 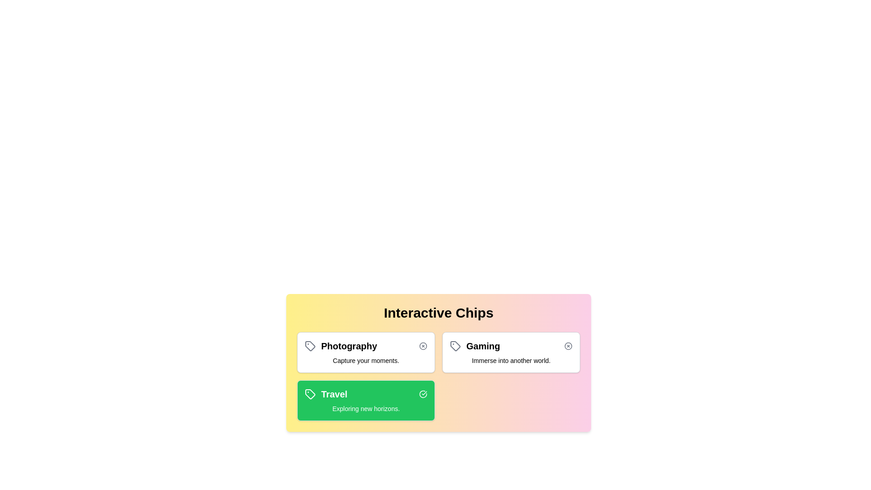 What do you see at coordinates (366, 400) in the screenshot?
I see `the chip labeled 'Travel' to toggle its selection state` at bounding box center [366, 400].